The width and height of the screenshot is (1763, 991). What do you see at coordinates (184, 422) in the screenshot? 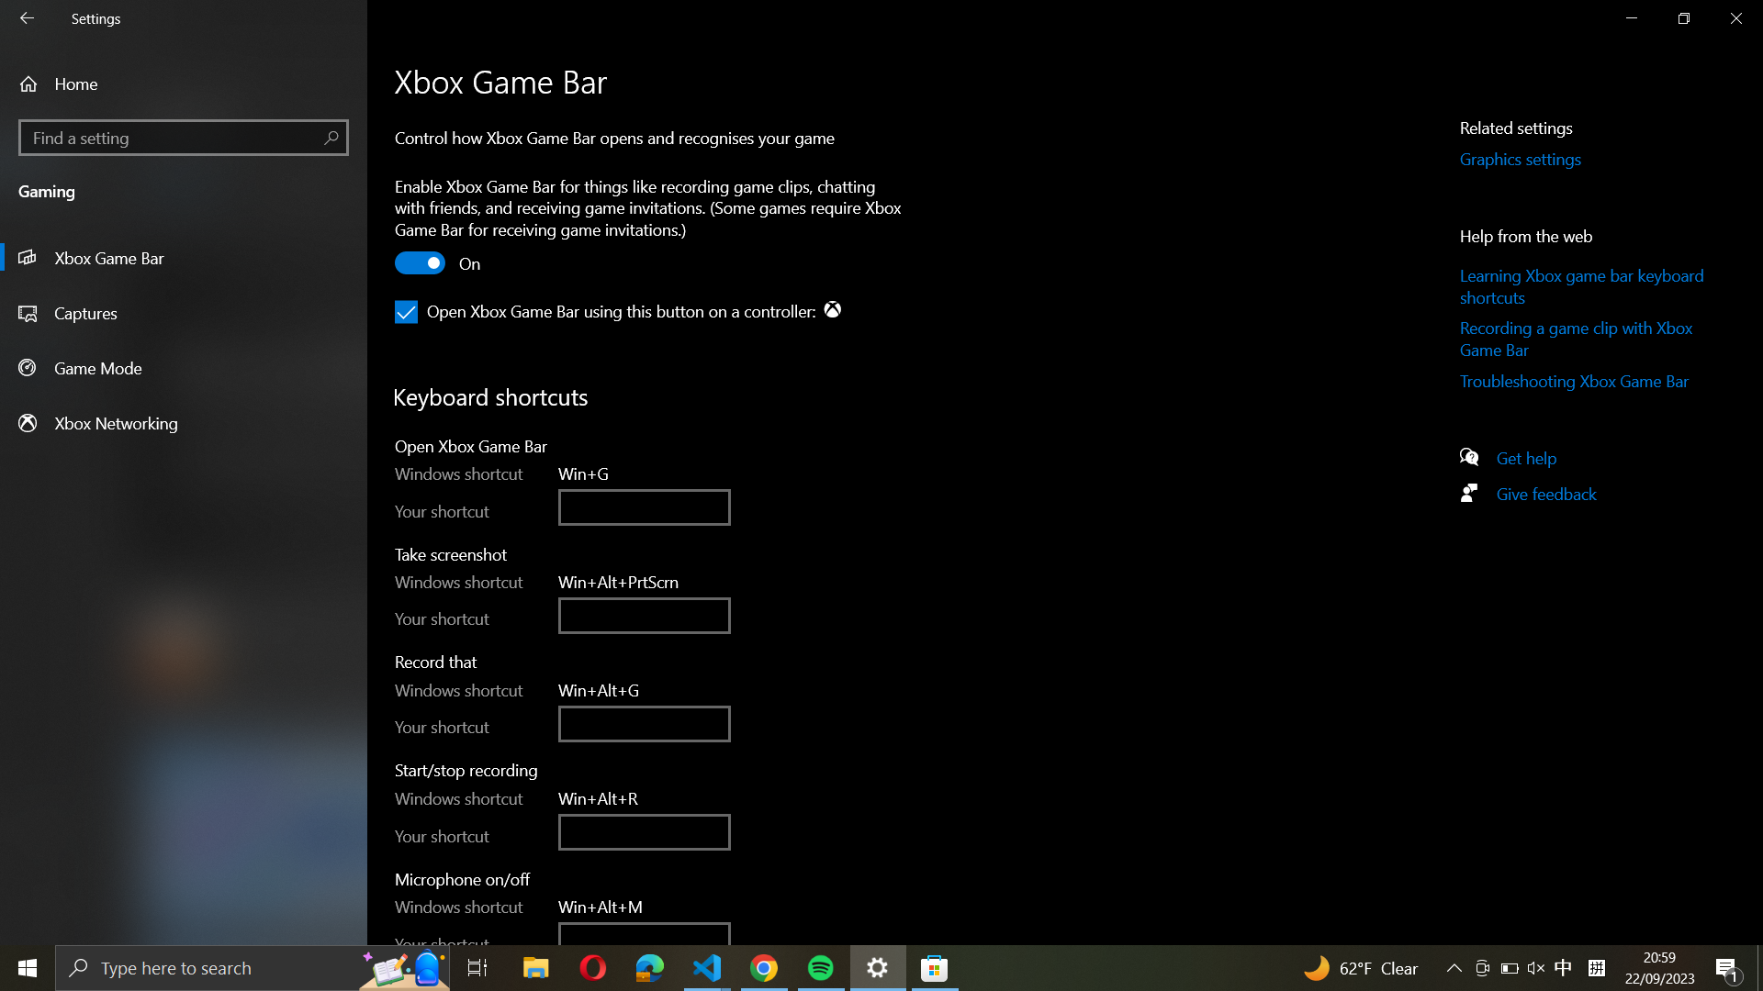
I see `the Xbox Networking settings by hitting the button situated on the left-hand side panel` at bounding box center [184, 422].